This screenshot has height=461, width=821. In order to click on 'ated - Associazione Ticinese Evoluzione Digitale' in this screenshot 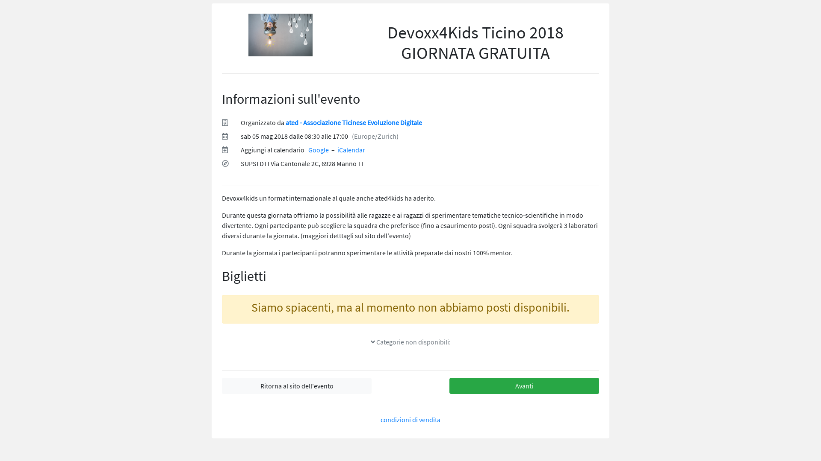, I will do `click(354, 122)`.